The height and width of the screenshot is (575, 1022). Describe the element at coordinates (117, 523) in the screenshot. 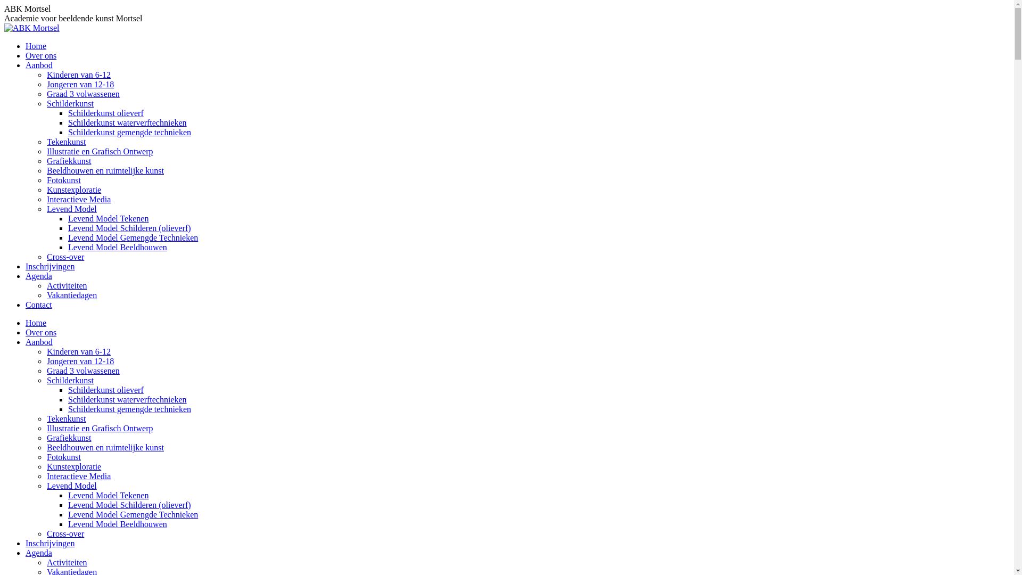

I see `'Levend Model Beeldhouwen'` at that location.